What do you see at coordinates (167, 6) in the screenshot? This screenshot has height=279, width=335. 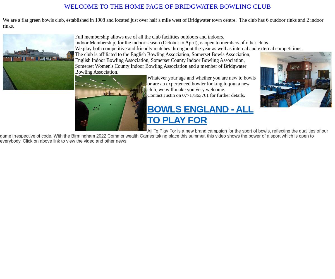 I see `'WELCOME TO THE HOME PAGE OF BRIDGWATER BOWLING
CLUB'` at bounding box center [167, 6].